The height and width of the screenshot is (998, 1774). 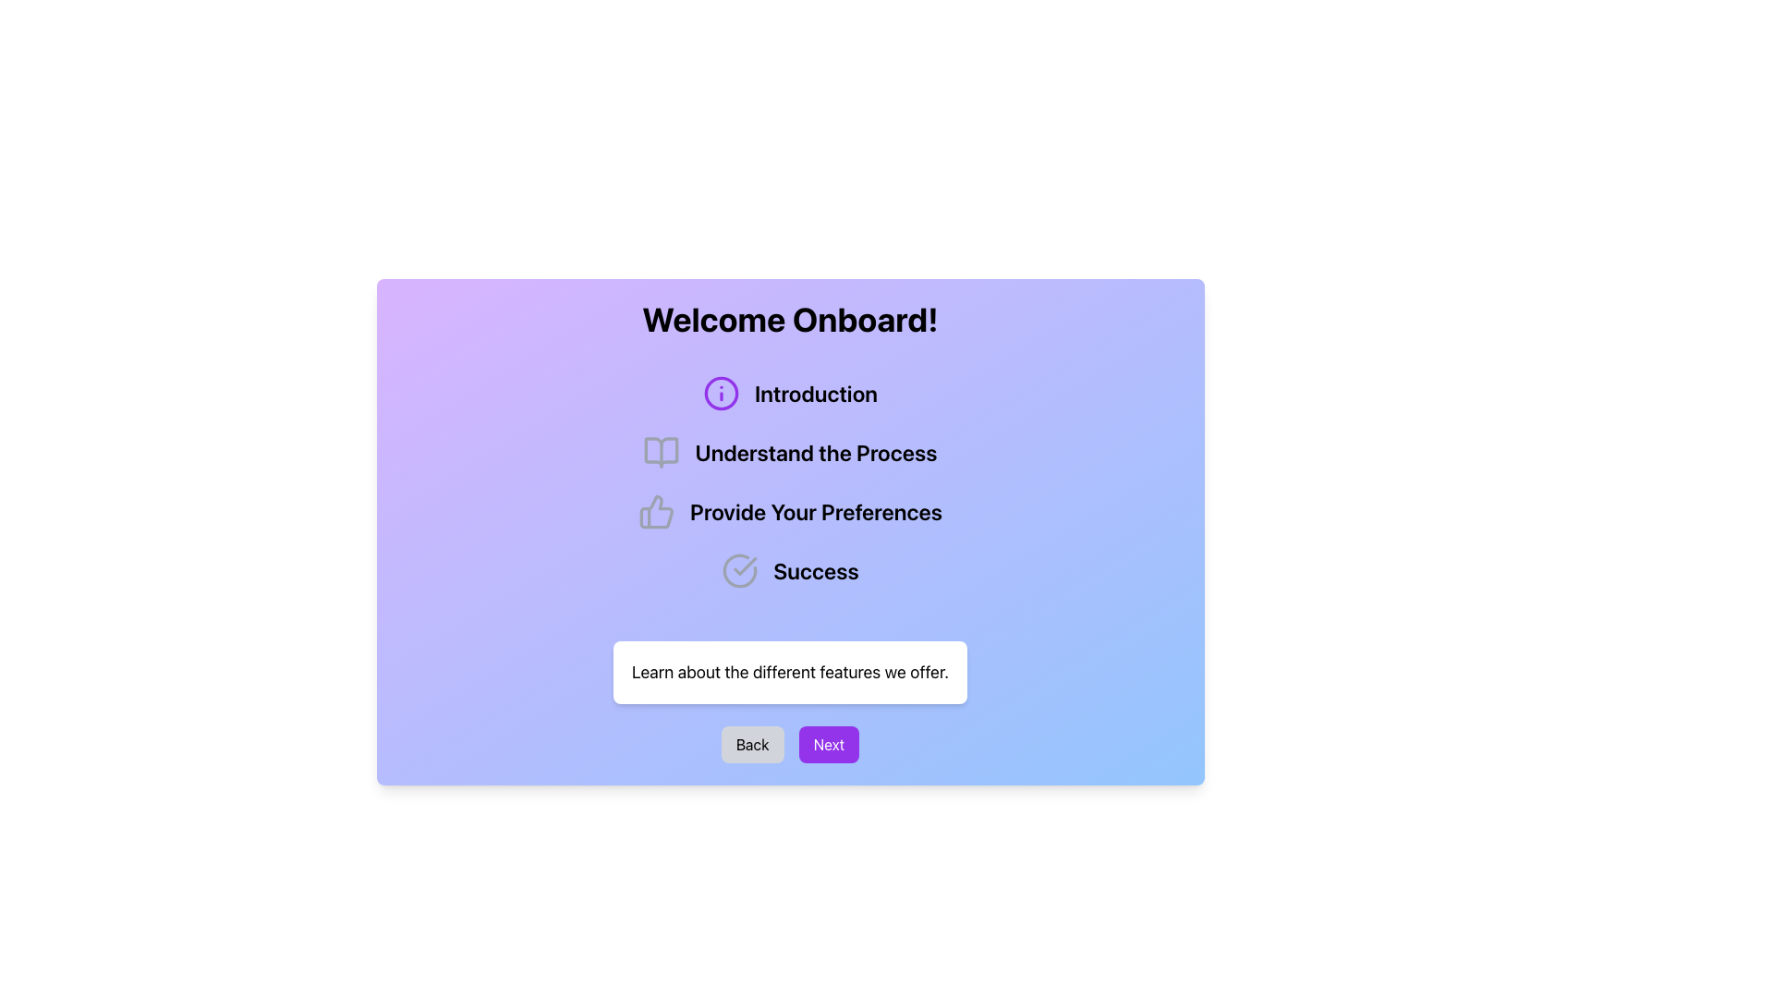 What do you see at coordinates (790, 673) in the screenshot?
I see `descriptive Static Text located above the navigation buttons labeled 'Back' and 'Next'` at bounding box center [790, 673].